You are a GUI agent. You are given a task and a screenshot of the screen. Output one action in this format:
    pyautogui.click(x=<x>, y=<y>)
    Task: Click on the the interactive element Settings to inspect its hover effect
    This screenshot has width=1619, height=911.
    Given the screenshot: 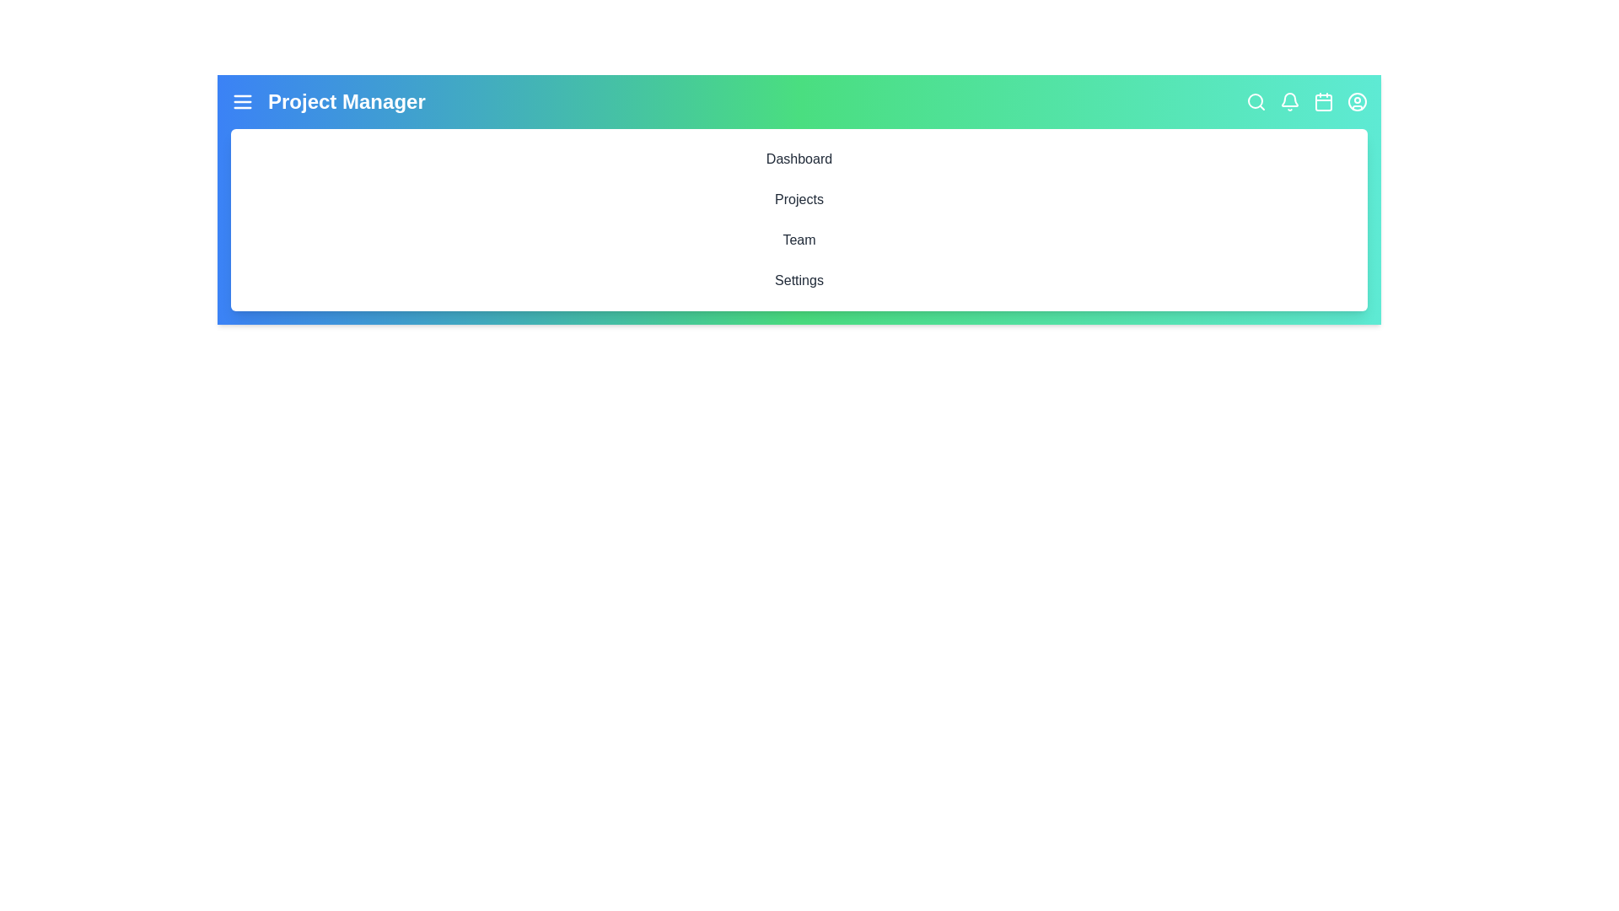 What is the action you would take?
    pyautogui.click(x=799, y=279)
    